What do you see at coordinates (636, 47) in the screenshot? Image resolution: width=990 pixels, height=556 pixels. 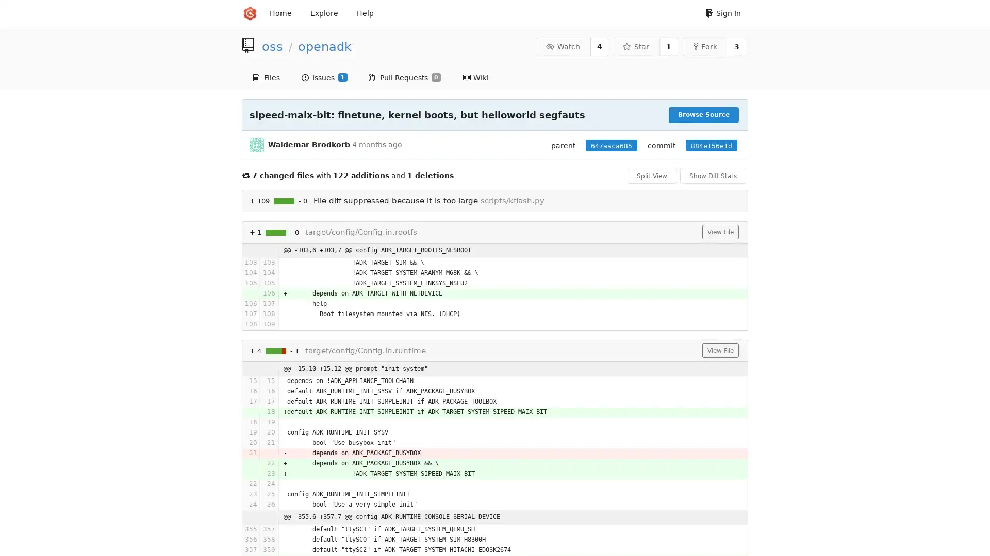 I see `Star` at bounding box center [636, 47].